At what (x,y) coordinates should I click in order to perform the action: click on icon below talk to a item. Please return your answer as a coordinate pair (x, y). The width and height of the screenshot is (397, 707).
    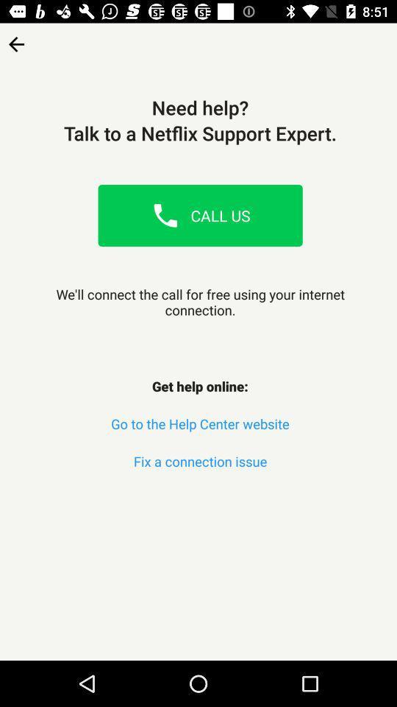
    Looking at the image, I should click on (165, 214).